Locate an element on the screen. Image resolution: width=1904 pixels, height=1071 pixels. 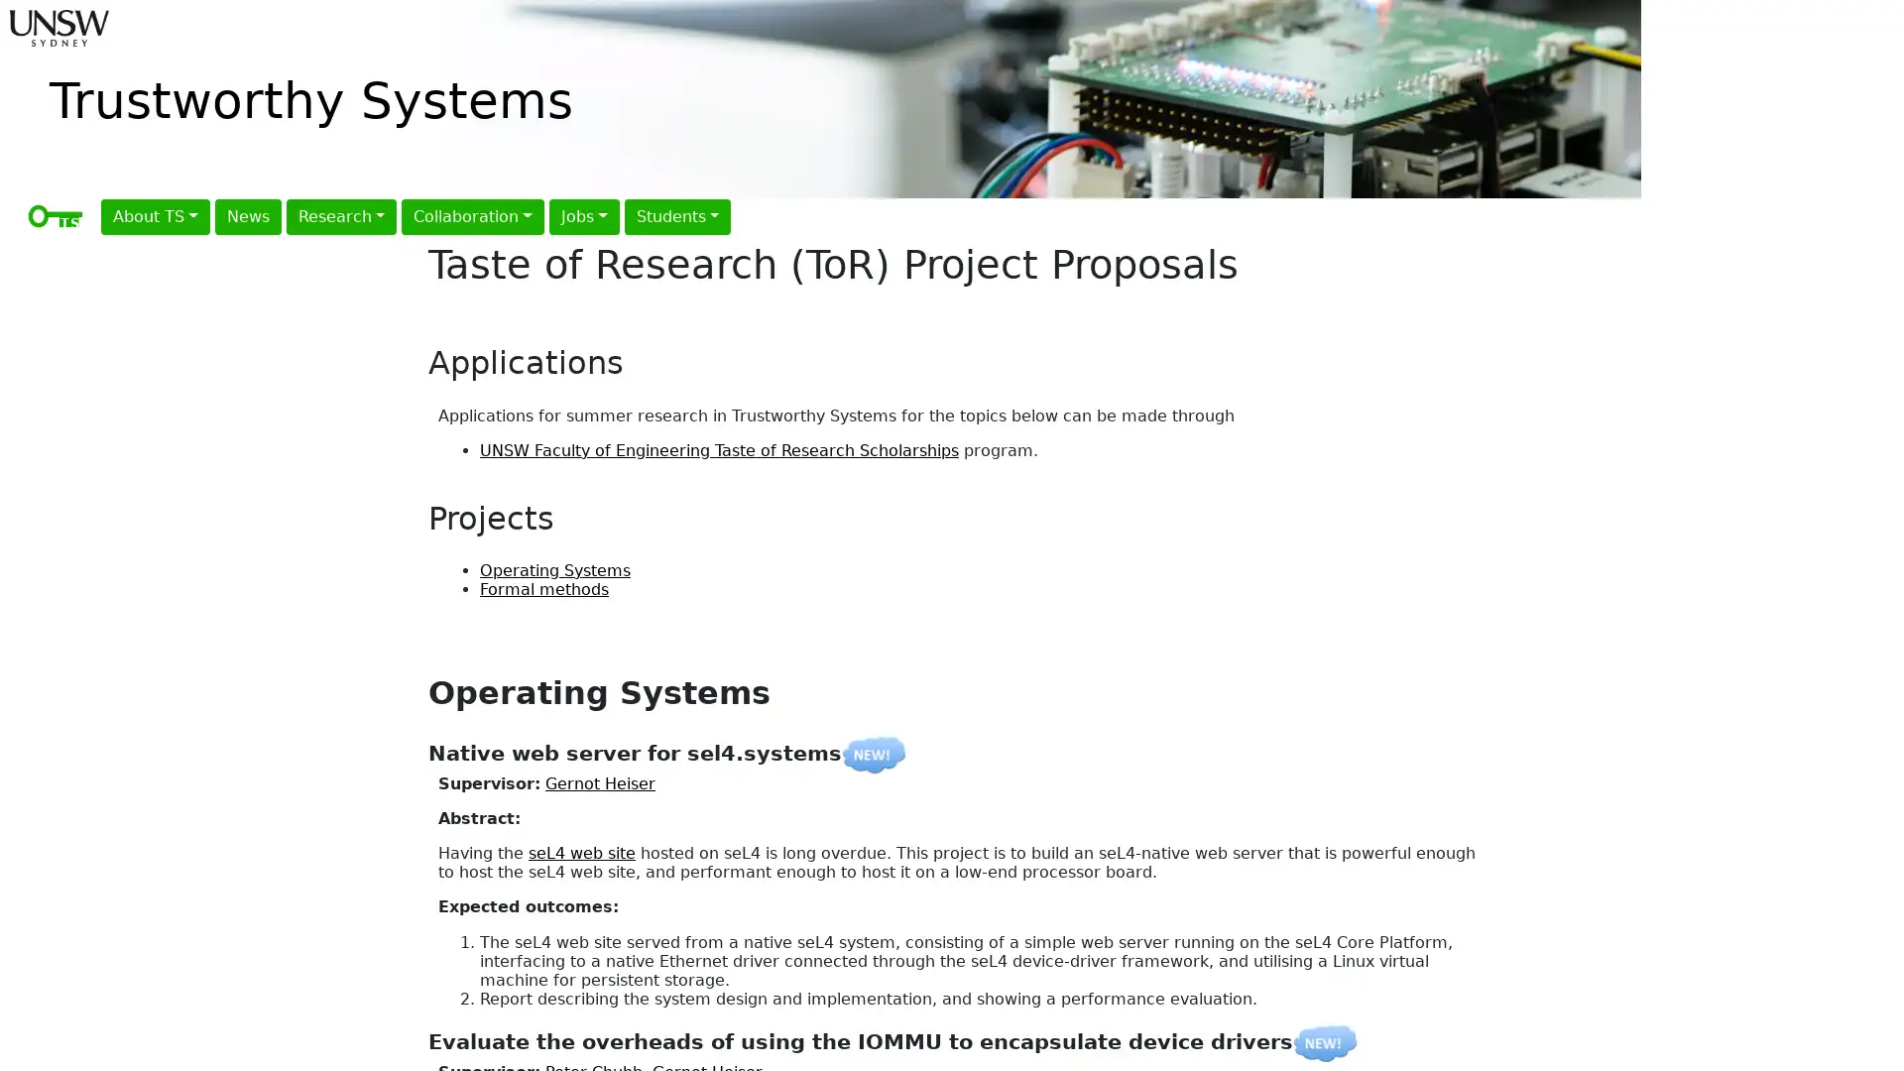
Students is located at coordinates (676, 216).